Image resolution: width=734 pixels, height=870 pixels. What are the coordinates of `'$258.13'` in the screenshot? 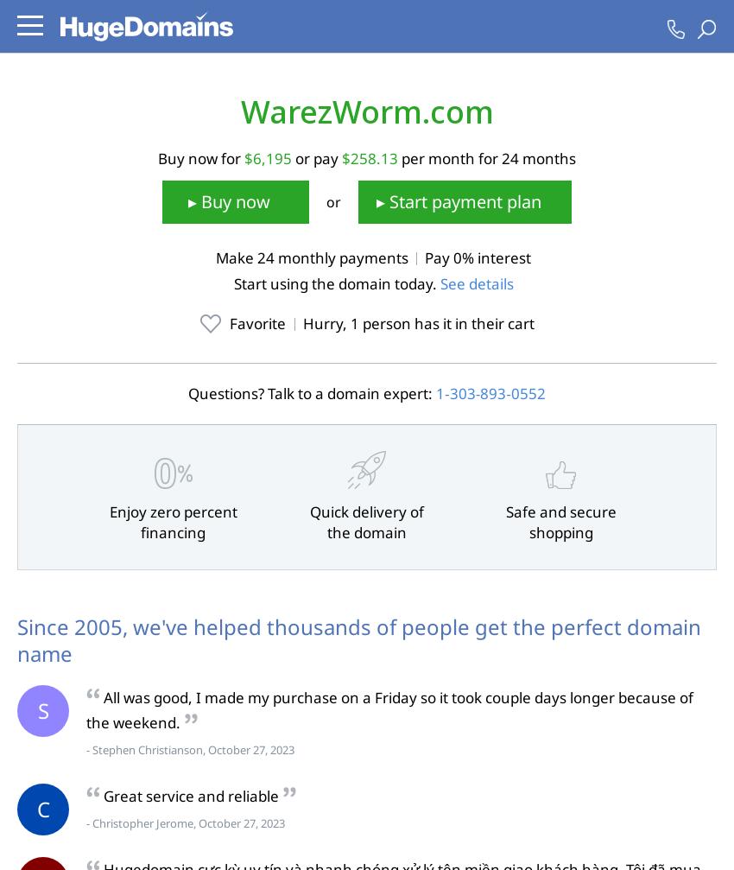 It's located at (369, 157).